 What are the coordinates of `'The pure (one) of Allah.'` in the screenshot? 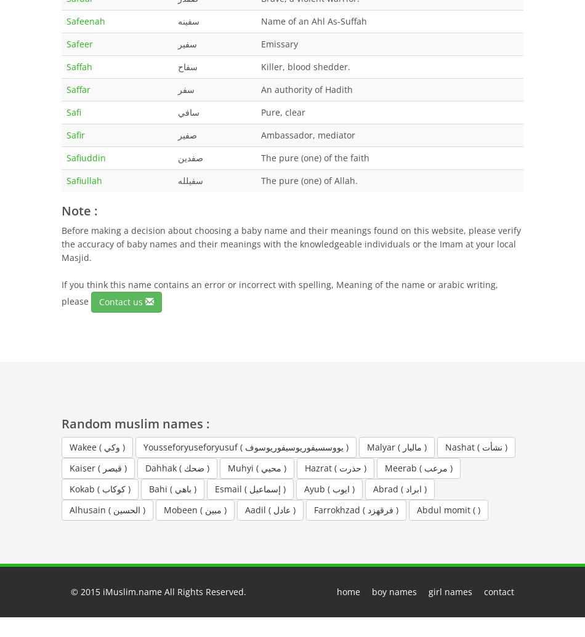 It's located at (309, 180).